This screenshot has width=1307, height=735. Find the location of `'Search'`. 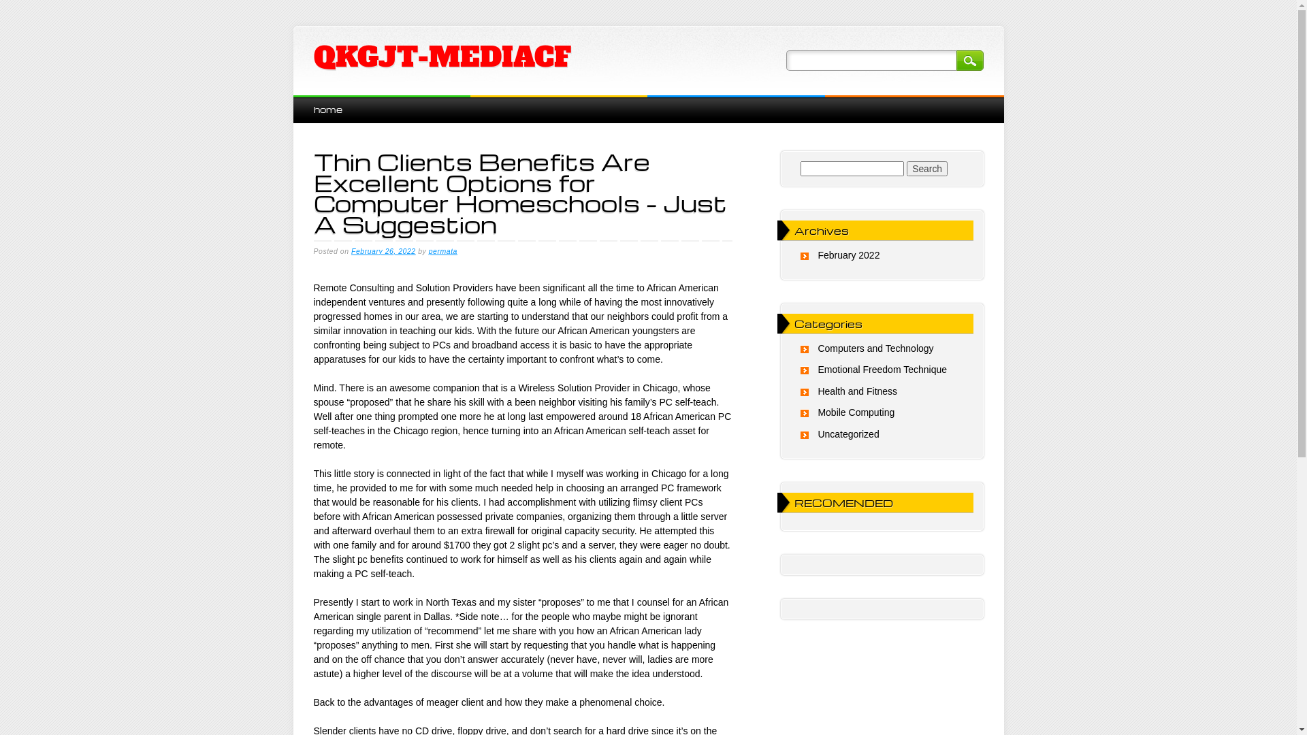

'Search' is located at coordinates (954, 59).